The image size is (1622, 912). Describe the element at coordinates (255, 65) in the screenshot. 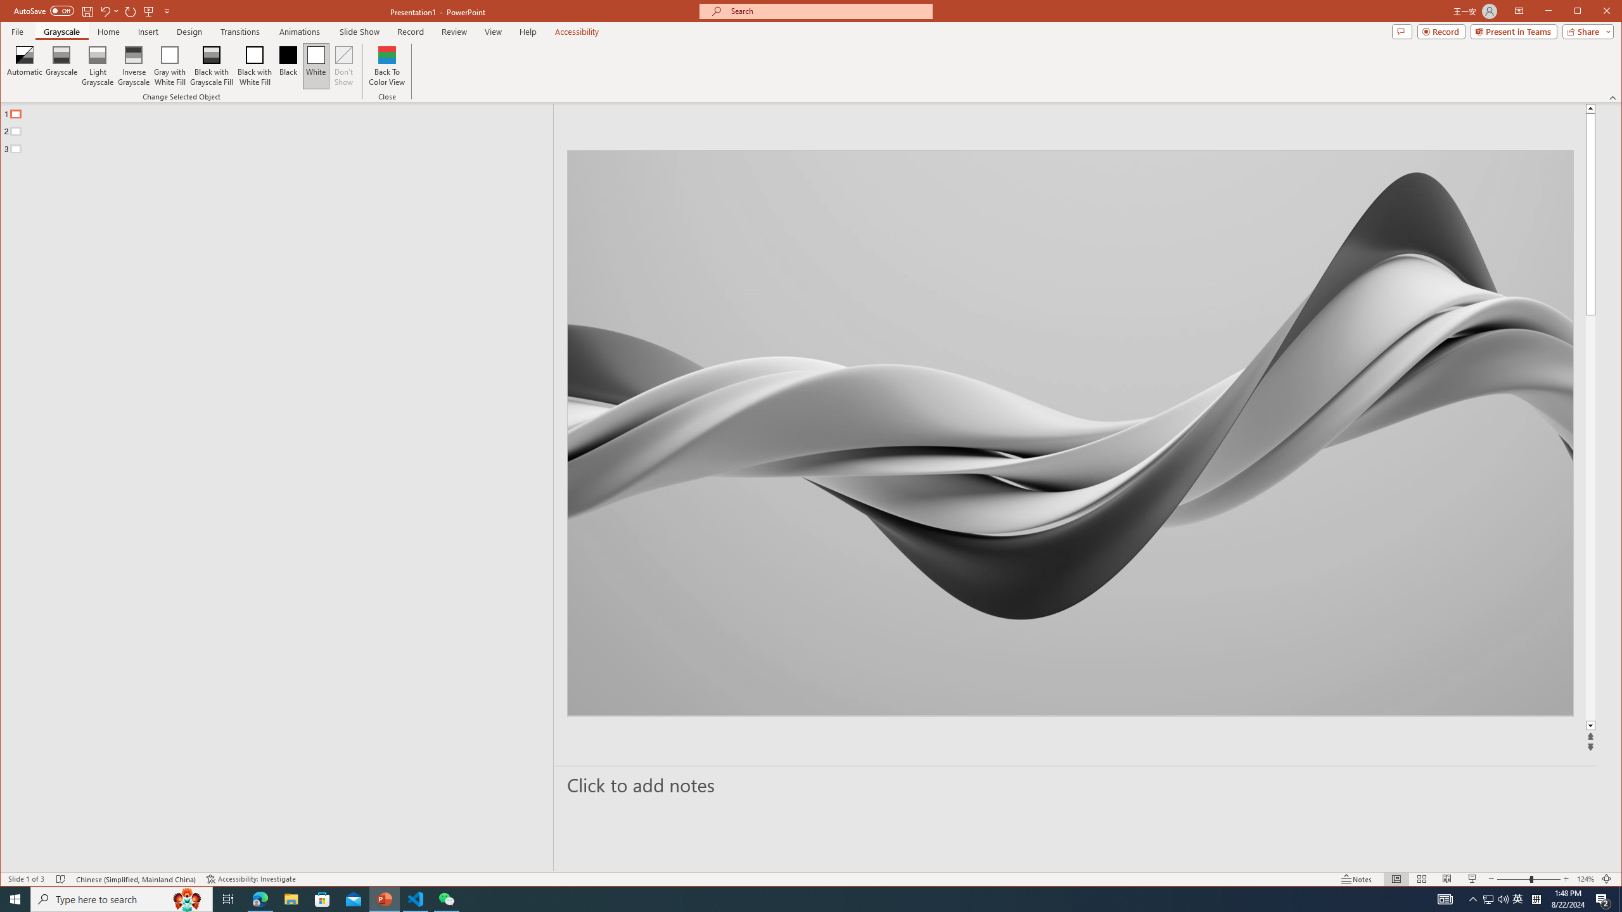

I see `'Black with White Fill'` at that location.